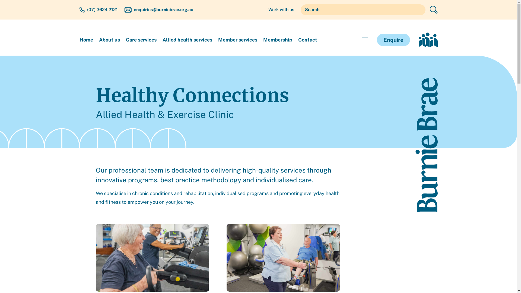 Image resolution: width=521 pixels, height=293 pixels. What do you see at coordinates (263, 39) in the screenshot?
I see `'Membership'` at bounding box center [263, 39].